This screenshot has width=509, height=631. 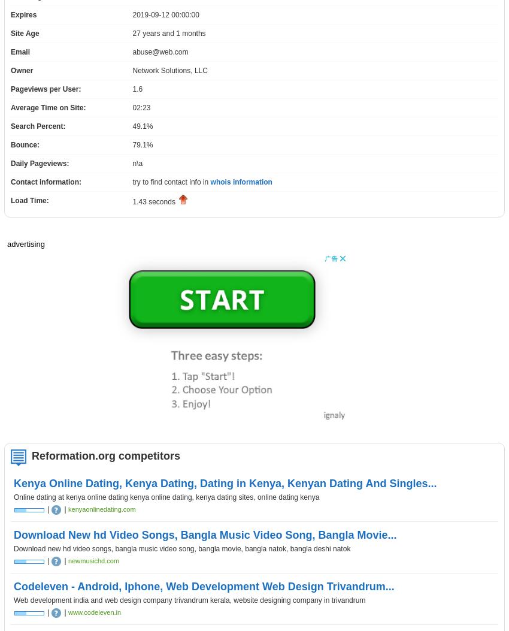 What do you see at coordinates (204, 535) in the screenshot?
I see `'Download New hd Video Songs, Bangla Music Video Song, Bangla Movie...'` at bounding box center [204, 535].